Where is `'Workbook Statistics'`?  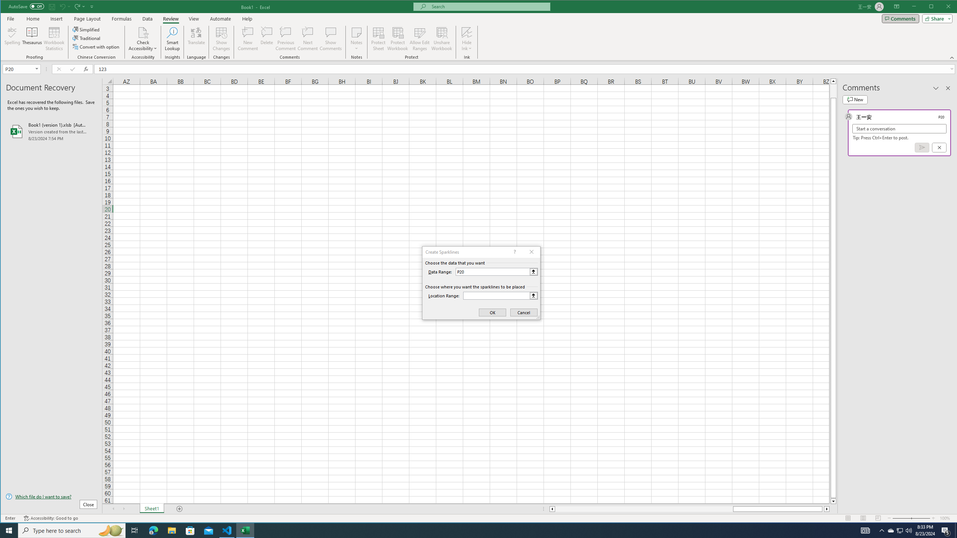
'Workbook Statistics' is located at coordinates (53, 38).